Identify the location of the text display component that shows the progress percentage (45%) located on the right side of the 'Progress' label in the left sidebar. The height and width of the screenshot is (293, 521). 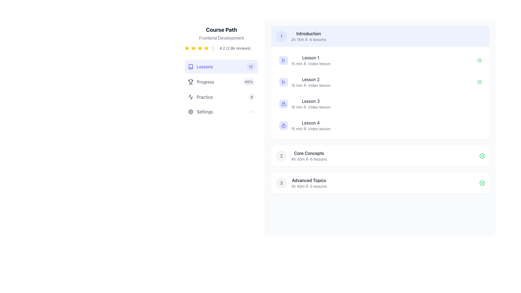
(248, 82).